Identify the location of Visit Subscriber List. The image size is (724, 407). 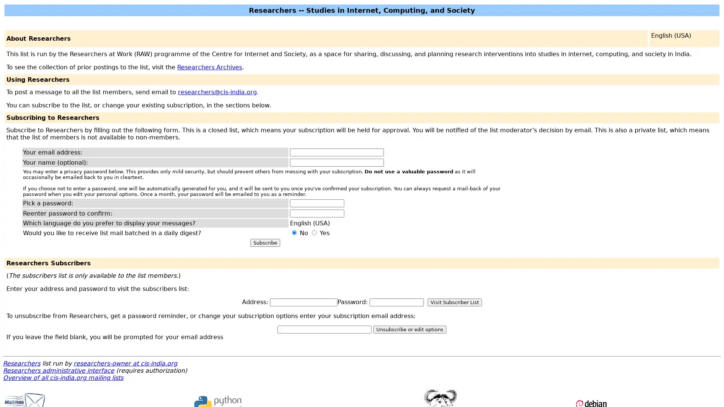
(454, 302).